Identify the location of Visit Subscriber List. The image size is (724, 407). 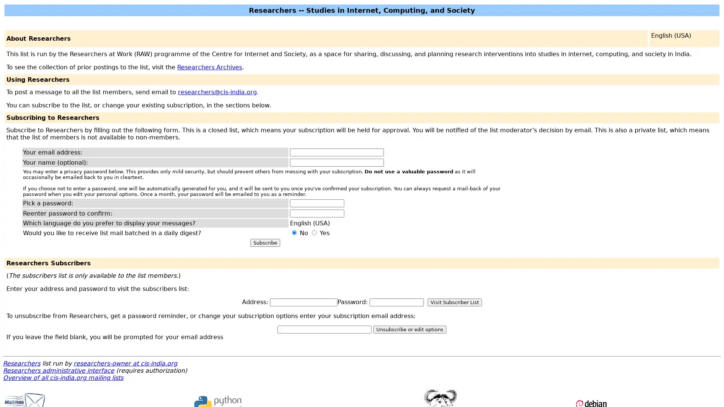
(454, 302).